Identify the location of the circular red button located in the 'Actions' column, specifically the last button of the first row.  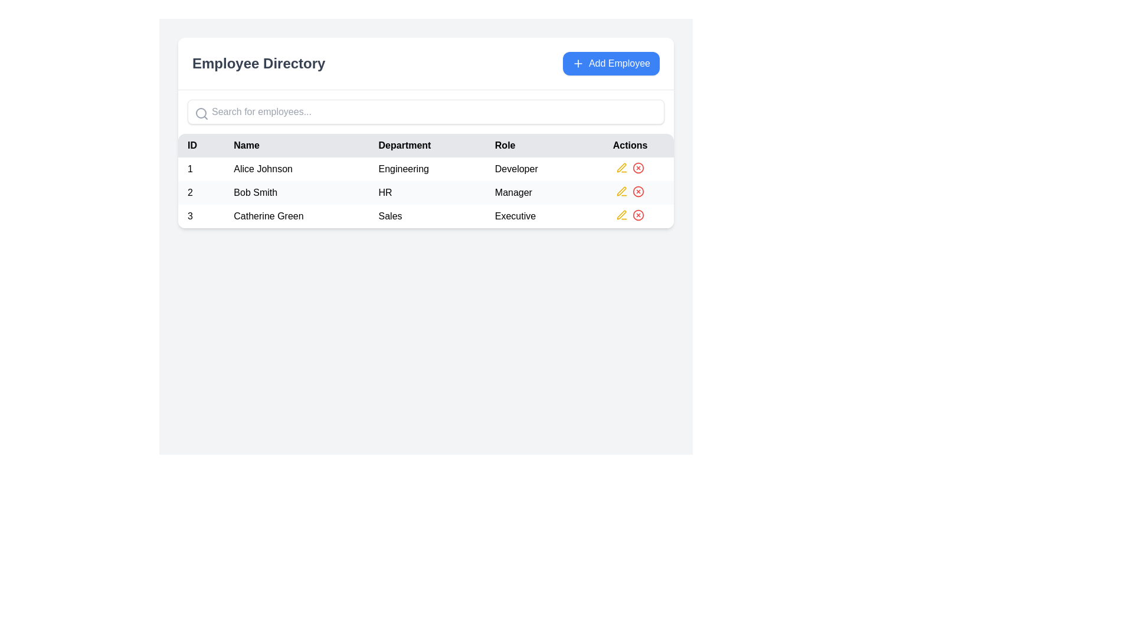
(637, 168).